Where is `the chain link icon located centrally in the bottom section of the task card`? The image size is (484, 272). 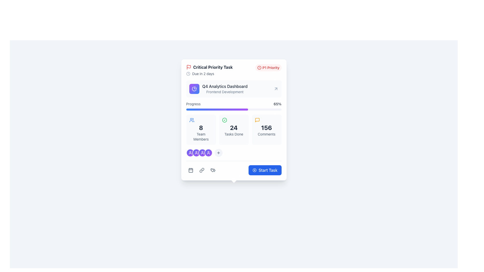
the chain link icon located centrally in the bottom section of the task card is located at coordinates (202, 170).